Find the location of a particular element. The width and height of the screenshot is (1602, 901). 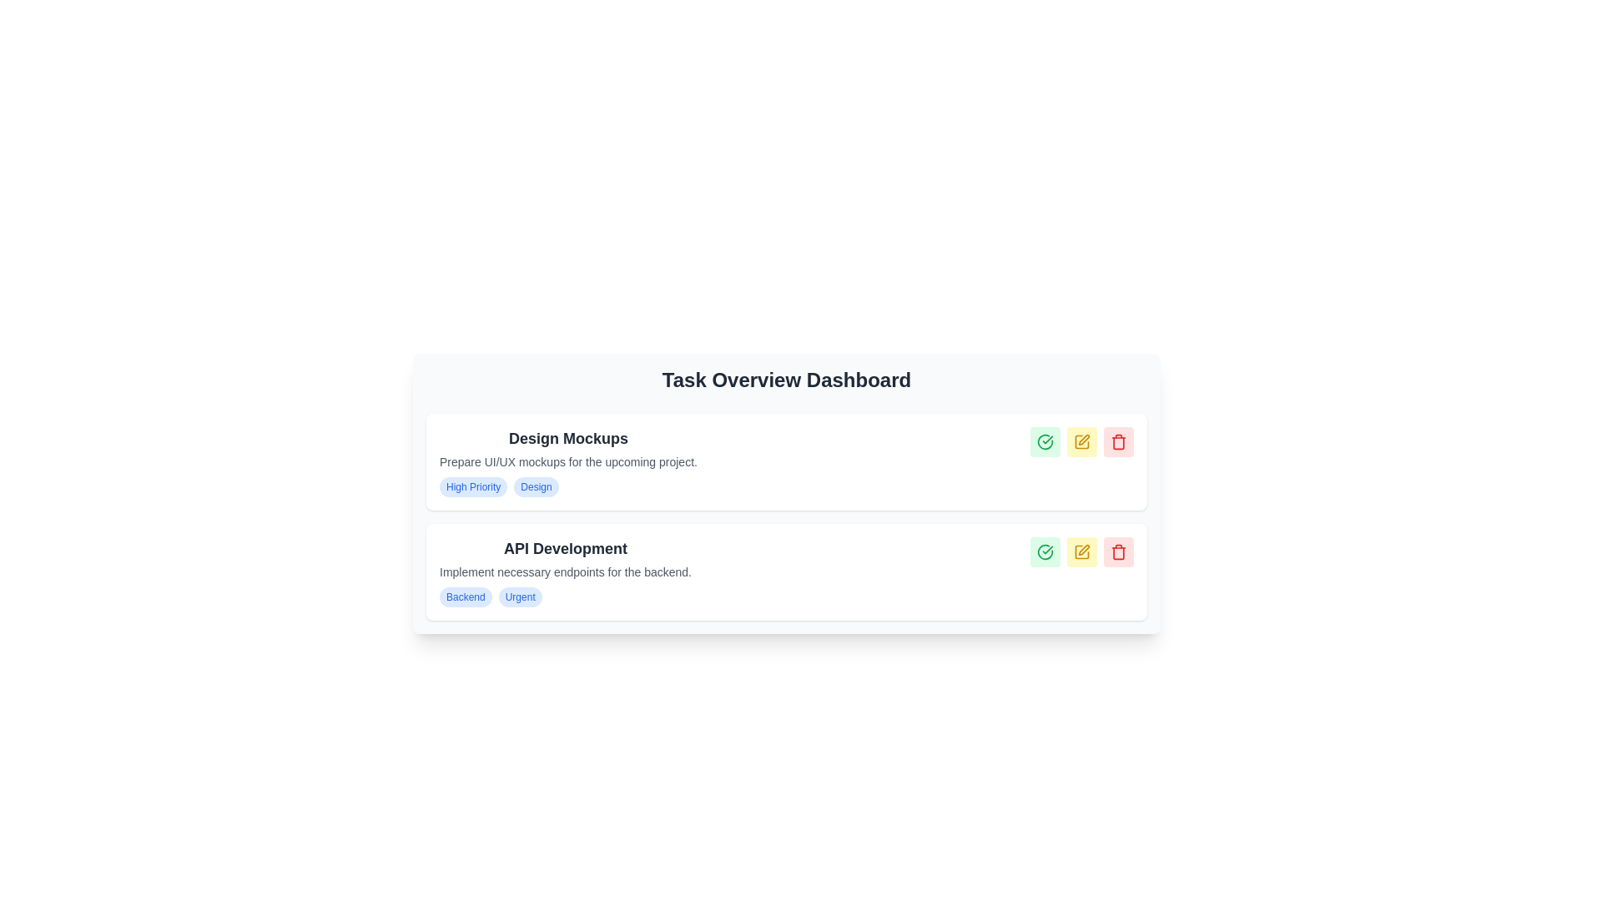

text element that provides details about the task associated with 'API Development', positioned directly below the title and above tags like 'Backend' and 'Urgent' is located at coordinates (565, 571).